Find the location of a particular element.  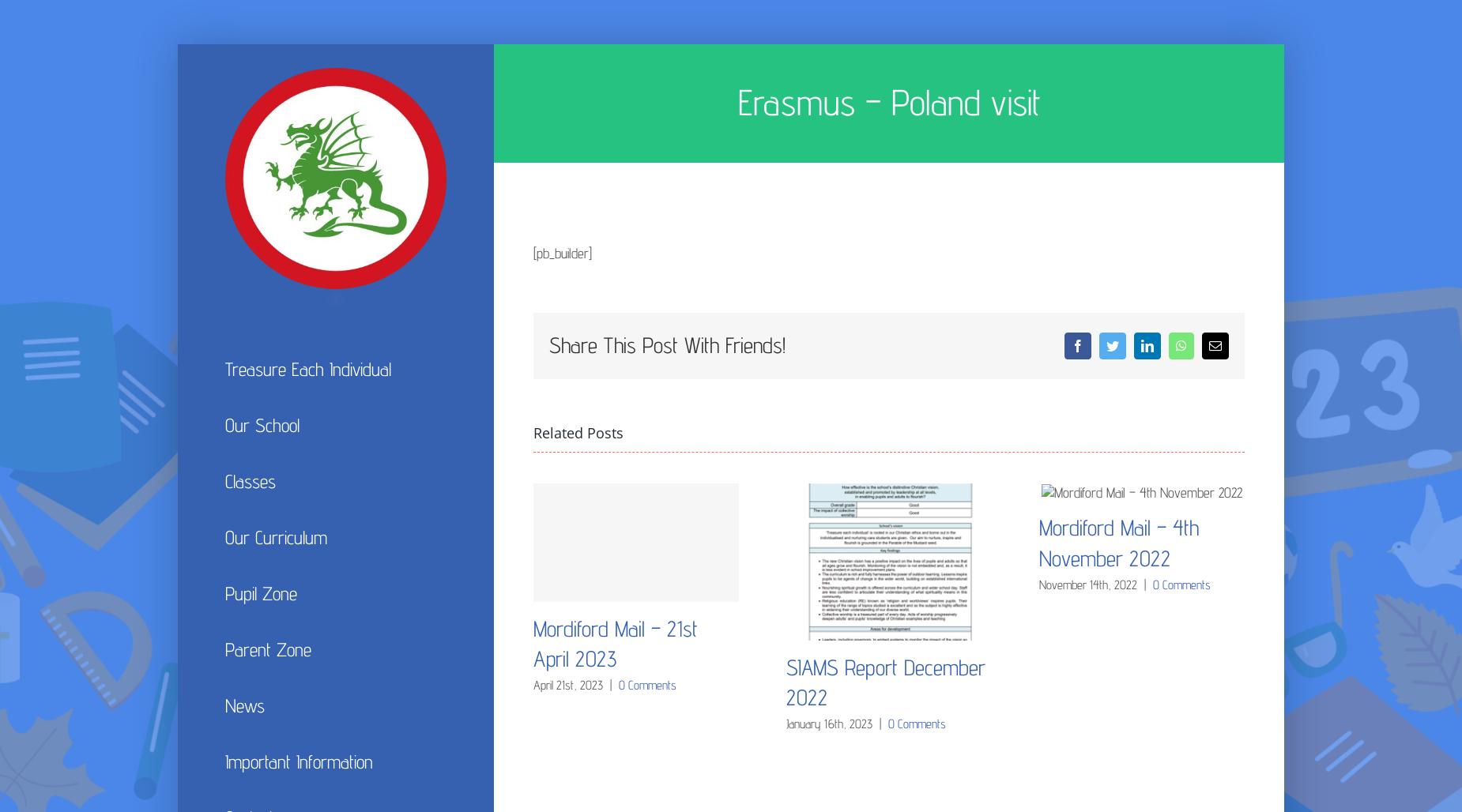

'Admissions' is located at coordinates (544, 681).